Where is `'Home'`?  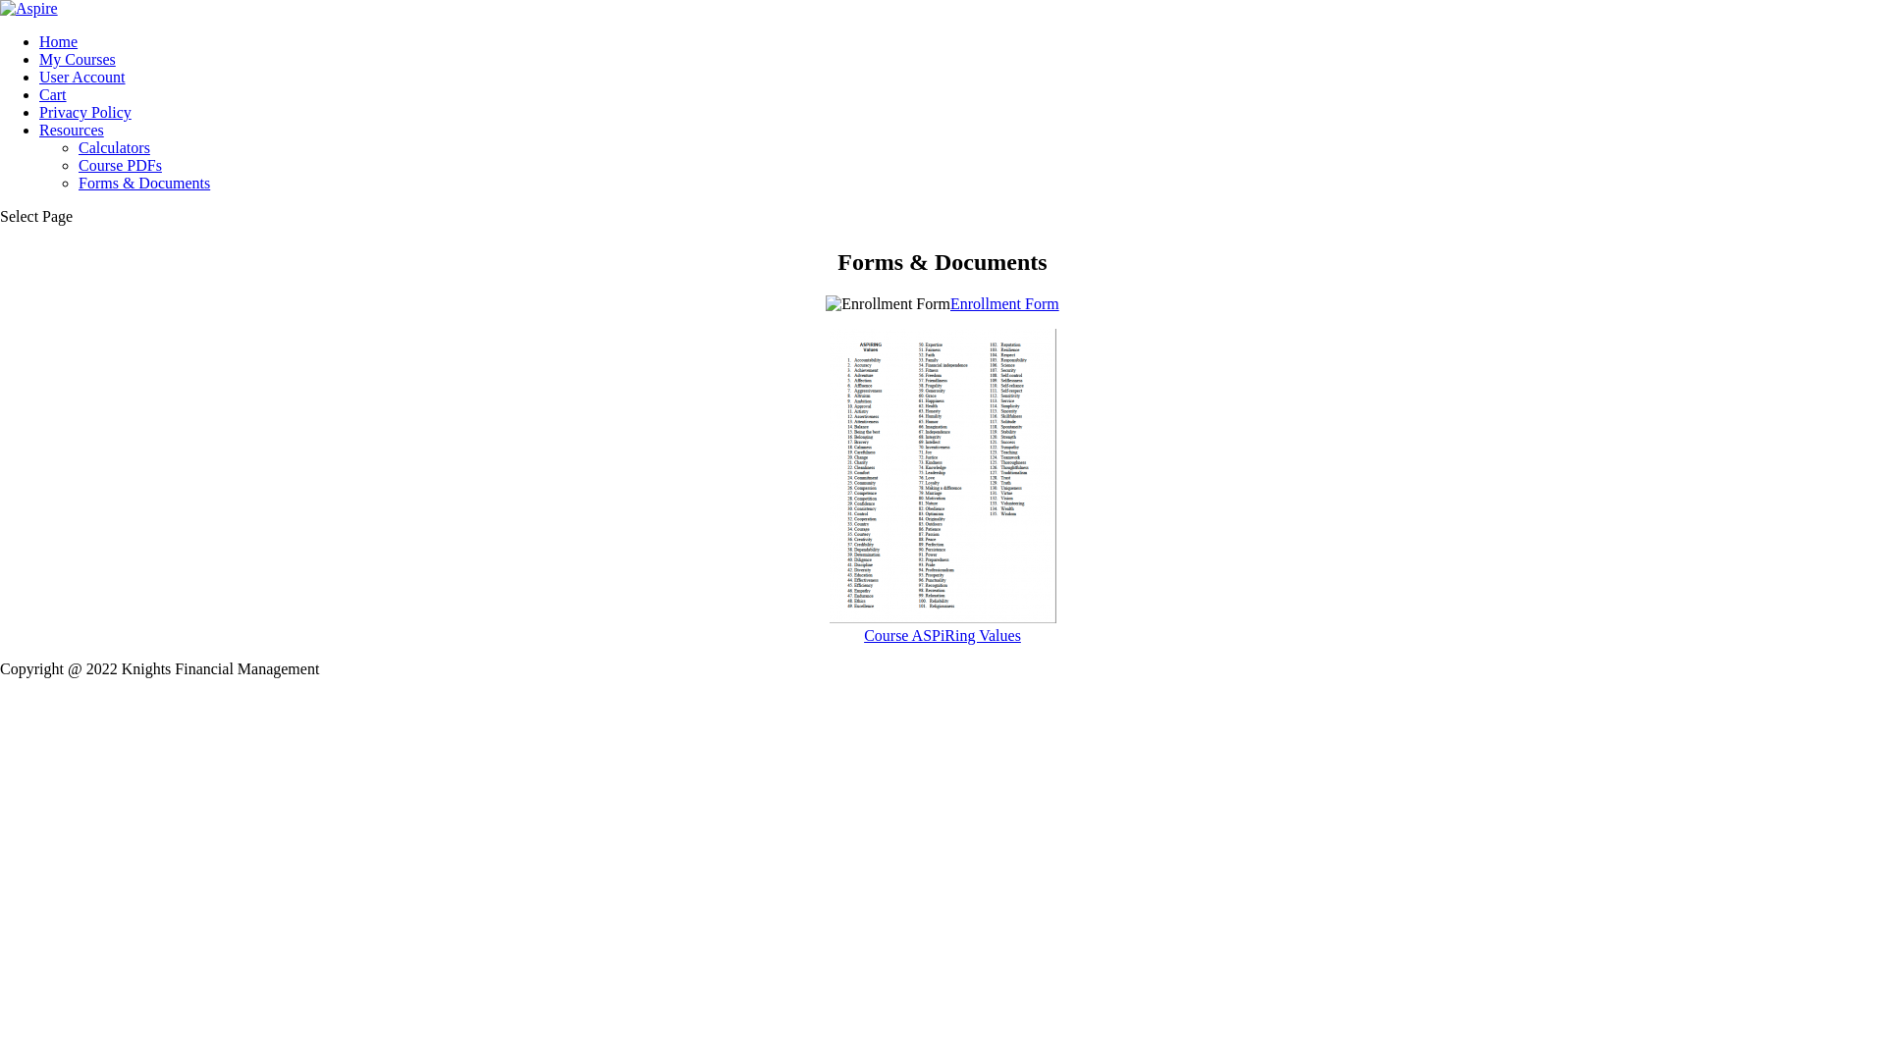
'Home' is located at coordinates (38, 41).